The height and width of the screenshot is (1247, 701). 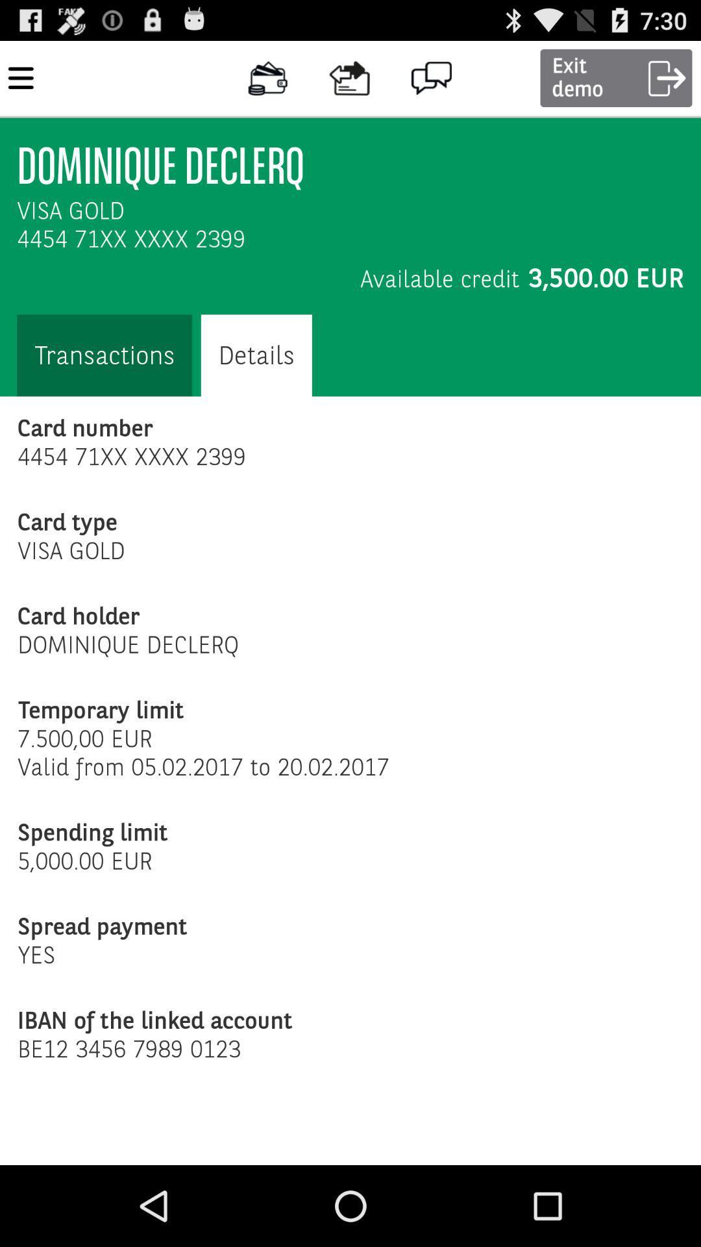 What do you see at coordinates (104, 355) in the screenshot?
I see `transactions` at bounding box center [104, 355].